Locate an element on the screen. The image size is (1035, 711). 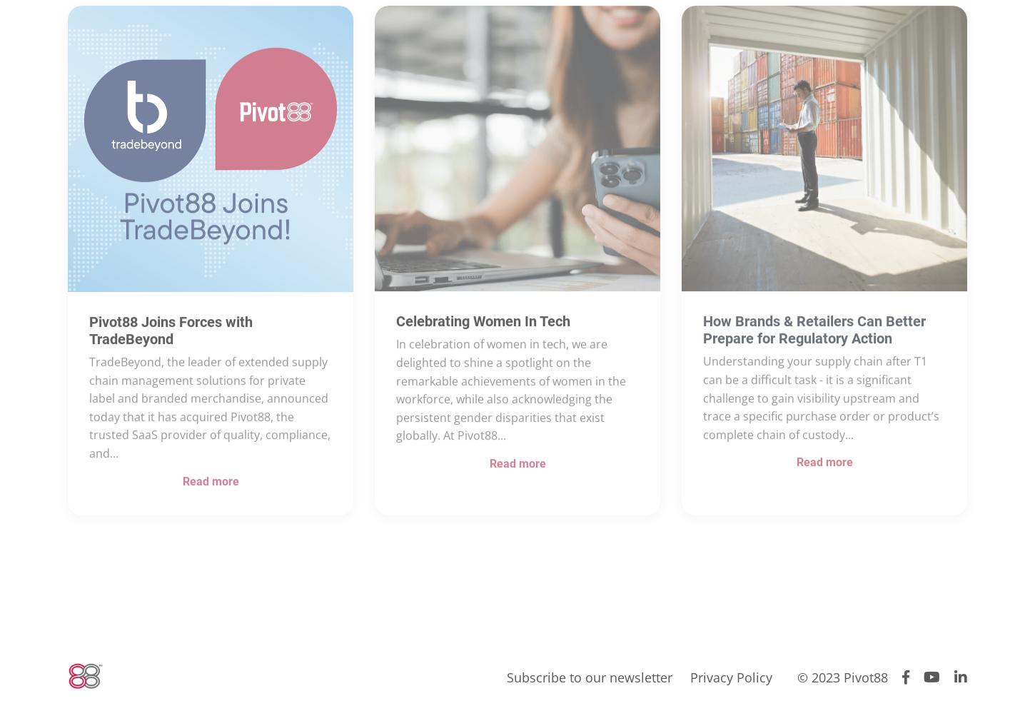
'How Brands & Retailers Can Better Prepare for Regulatory Action' is located at coordinates (814, 374).